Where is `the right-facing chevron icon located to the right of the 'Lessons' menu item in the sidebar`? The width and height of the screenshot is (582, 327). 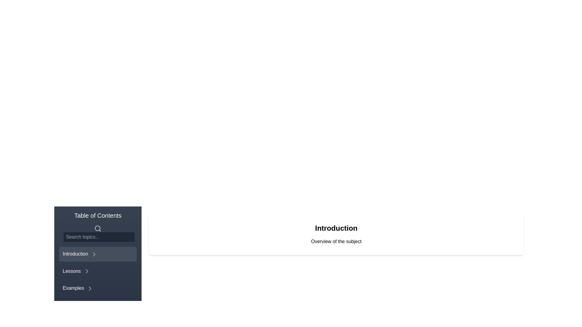 the right-facing chevron icon located to the right of the 'Lessons' menu item in the sidebar is located at coordinates (86, 271).